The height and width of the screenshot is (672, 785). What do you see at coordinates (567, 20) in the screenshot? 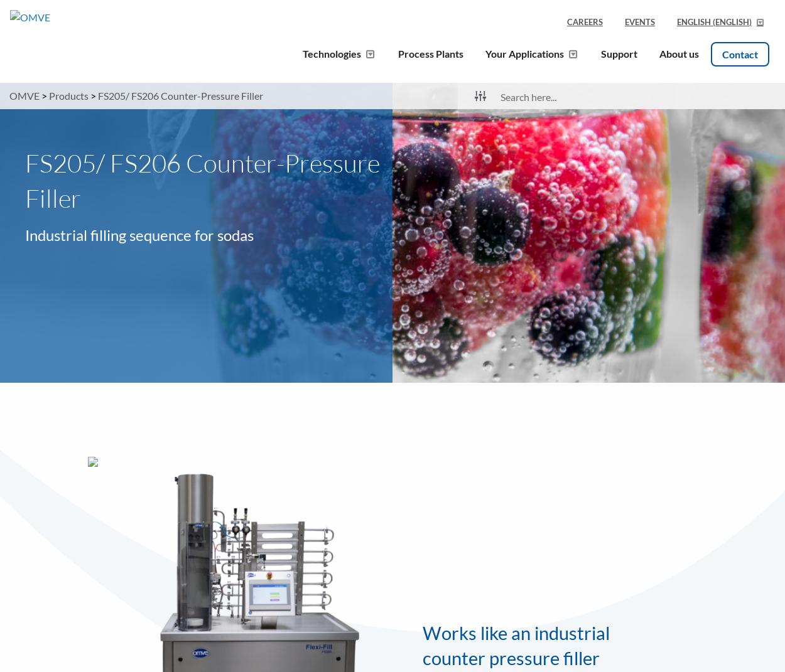
I see `'Careers'` at bounding box center [567, 20].